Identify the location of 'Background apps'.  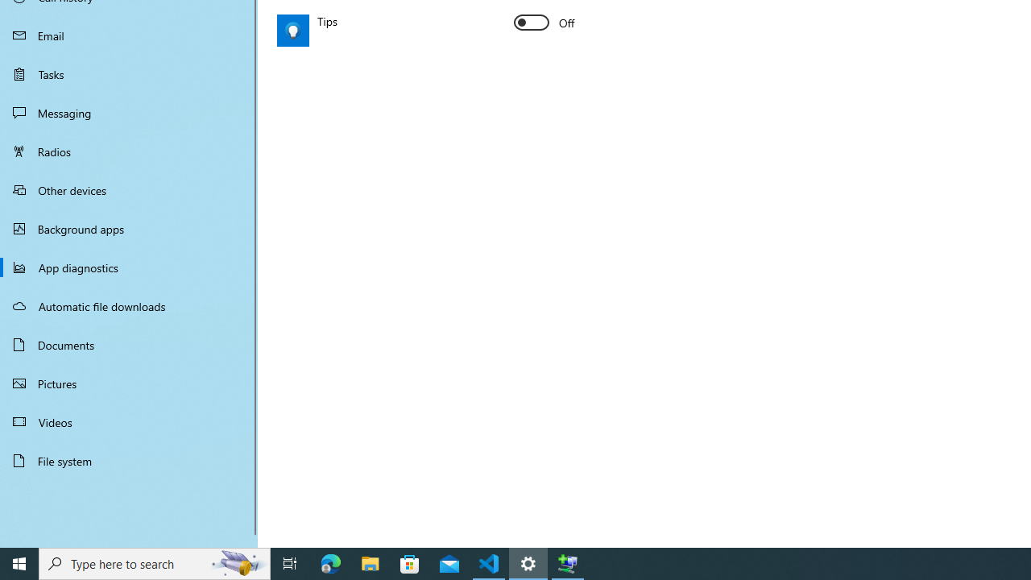
(129, 229).